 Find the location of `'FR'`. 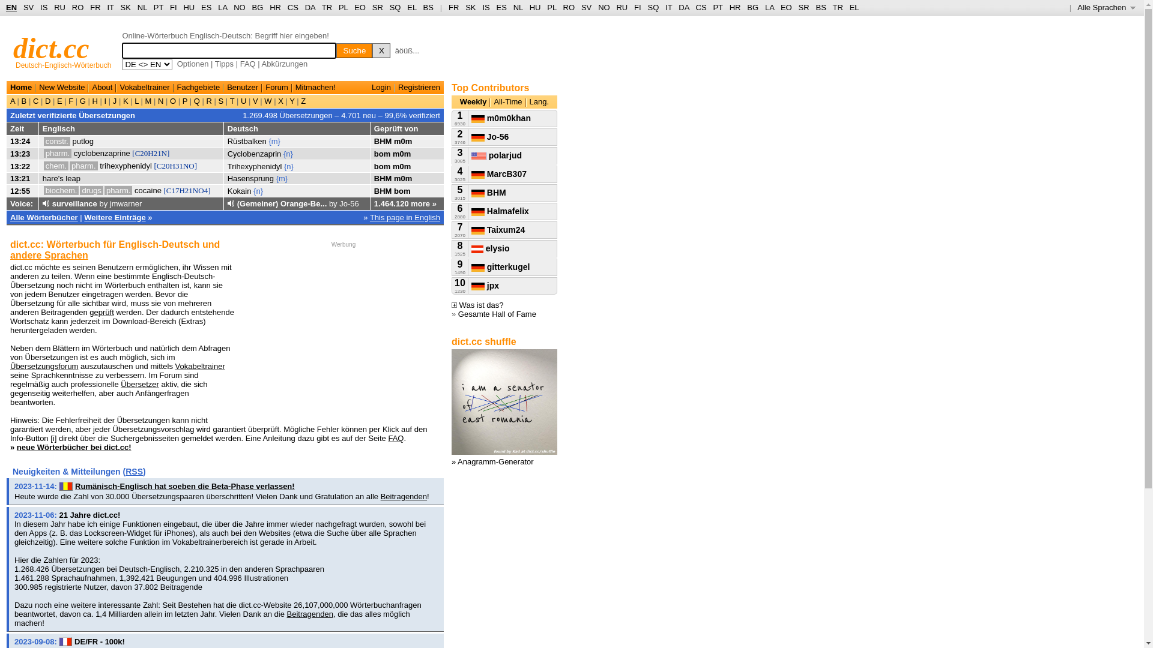

'FR' is located at coordinates (453, 7).